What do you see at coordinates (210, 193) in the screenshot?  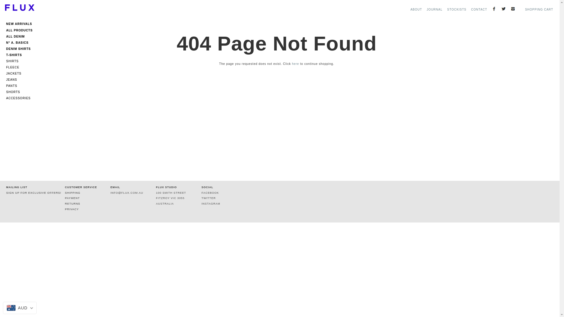 I see `'FACEBOOK'` at bounding box center [210, 193].